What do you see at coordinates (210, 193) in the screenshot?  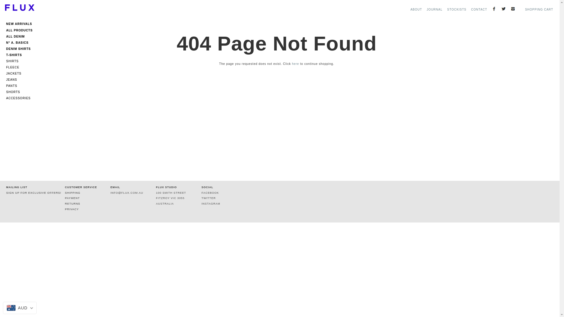 I see `'FACEBOOK'` at bounding box center [210, 193].